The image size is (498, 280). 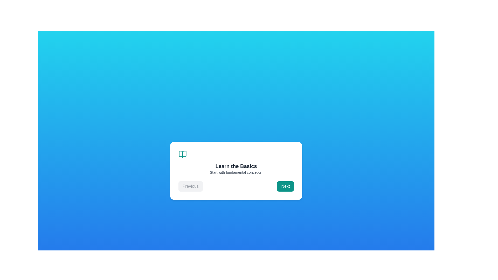 What do you see at coordinates (285, 186) in the screenshot?
I see `'Next' button to proceed to the next step` at bounding box center [285, 186].